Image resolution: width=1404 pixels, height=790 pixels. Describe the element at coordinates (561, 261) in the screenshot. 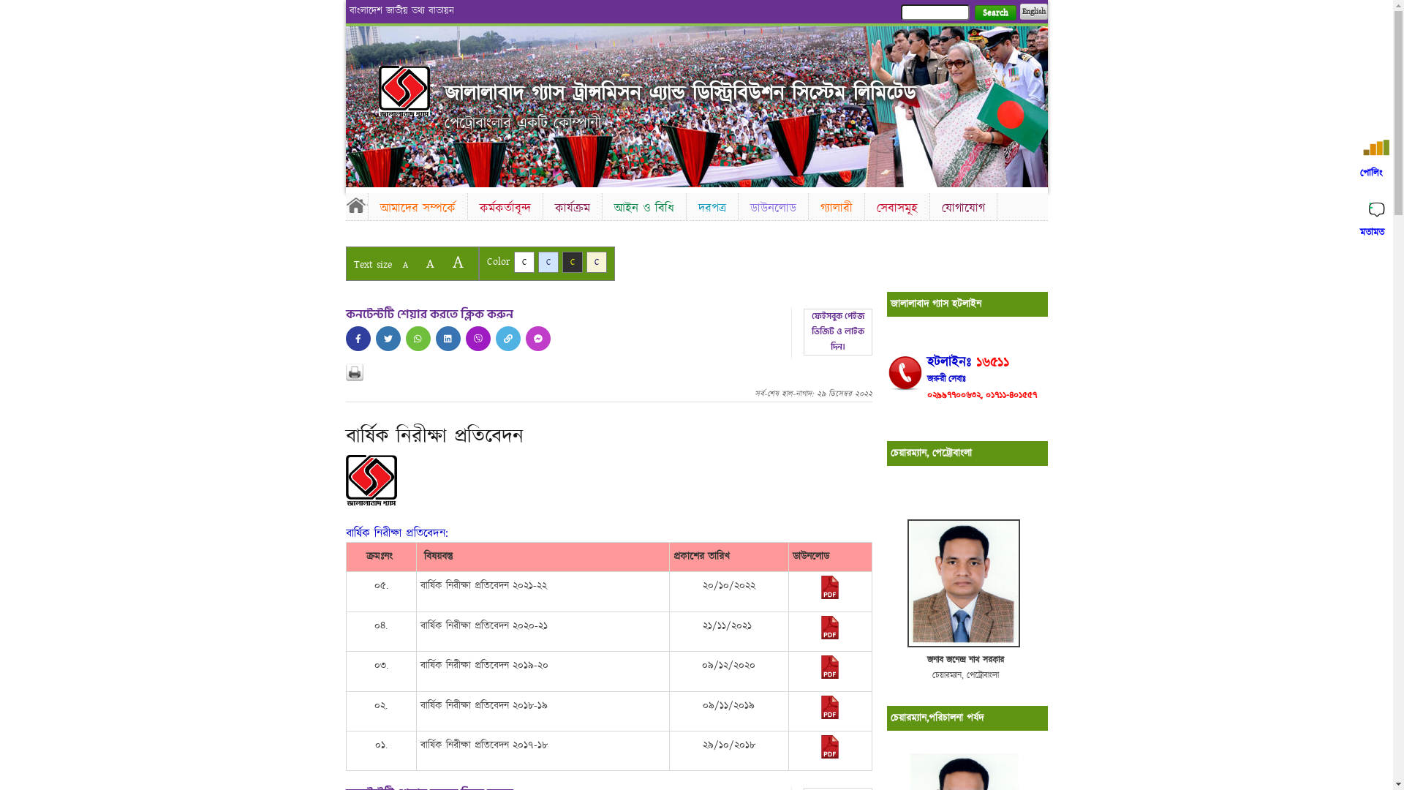

I see `'C'` at that location.